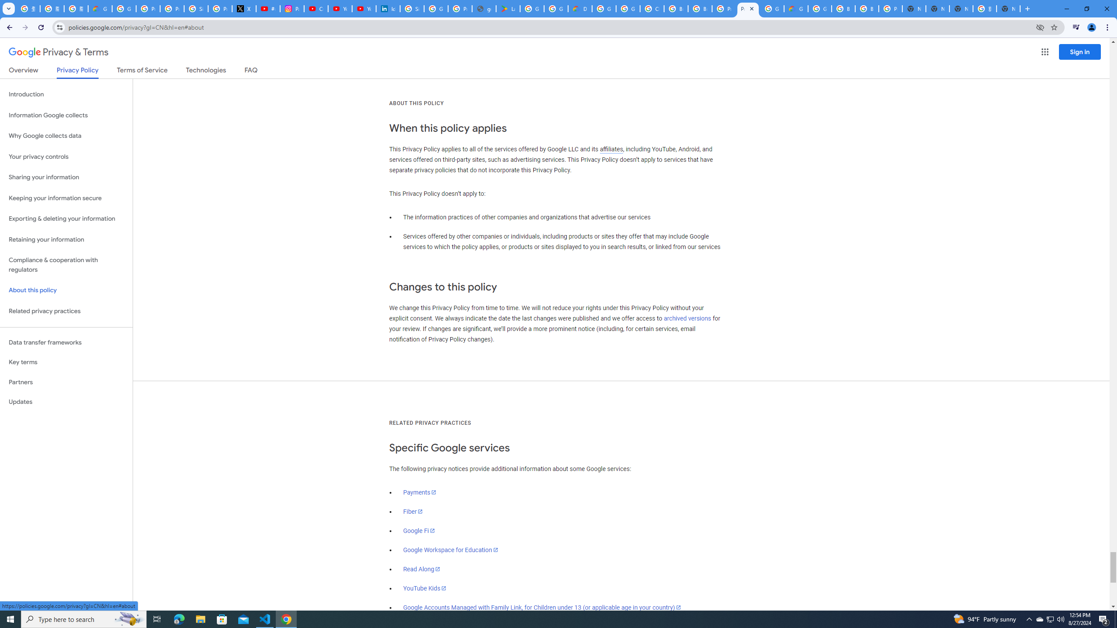  What do you see at coordinates (555, 8) in the screenshot?
I see `'Google Workspace - Specific Terms'` at bounding box center [555, 8].